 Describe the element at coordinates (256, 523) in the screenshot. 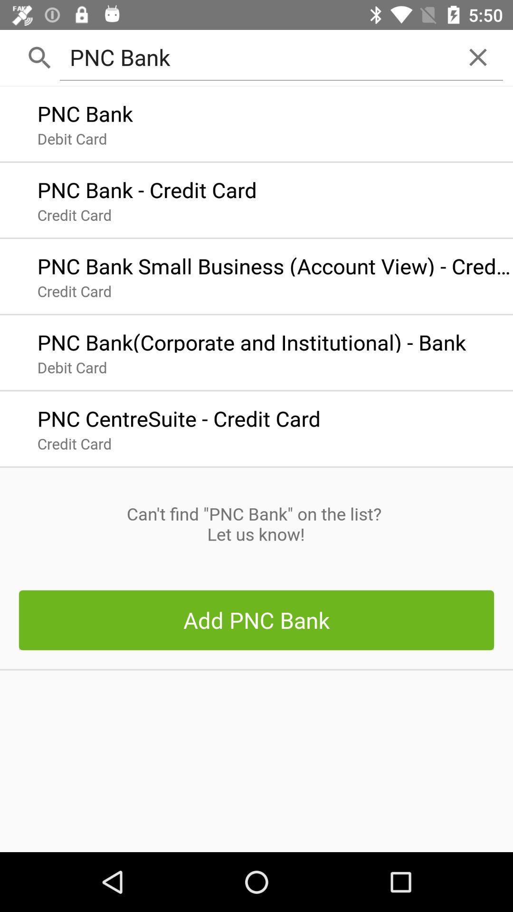

I see `the can t find item` at that location.